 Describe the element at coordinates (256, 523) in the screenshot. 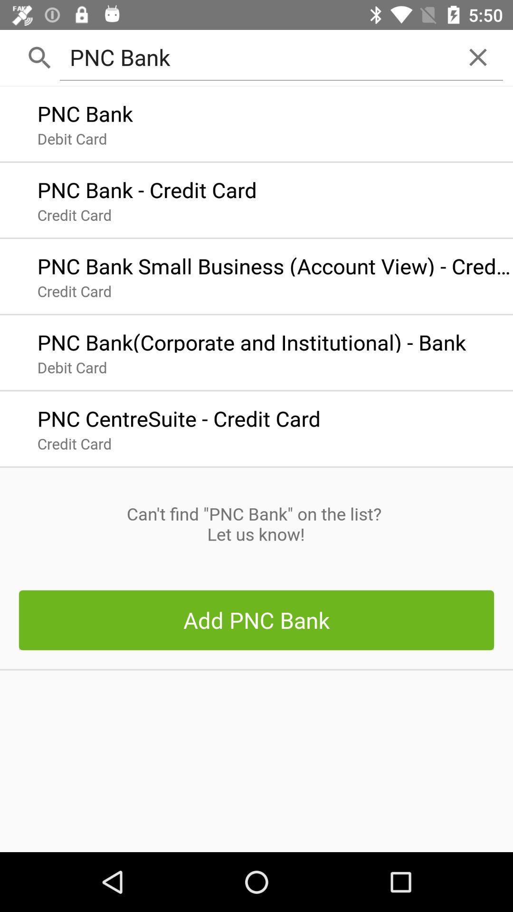

I see `the can t find item` at that location.